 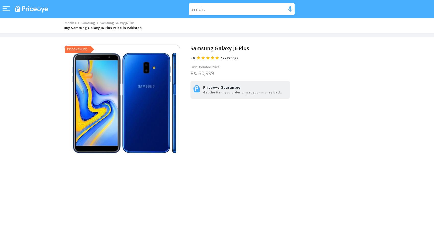 What do you see at coordinates (77, 49) in the screenshot?
I see `'DISCONTINUED'` at bounding box center [77, 49].